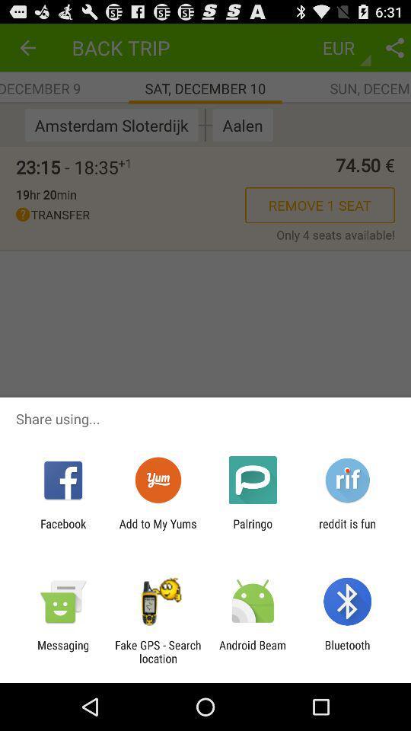  What do you see at coordinates (347, 530) in the screenshot?
I see `the reddit is fun icon` at bounding box center [347, 530].